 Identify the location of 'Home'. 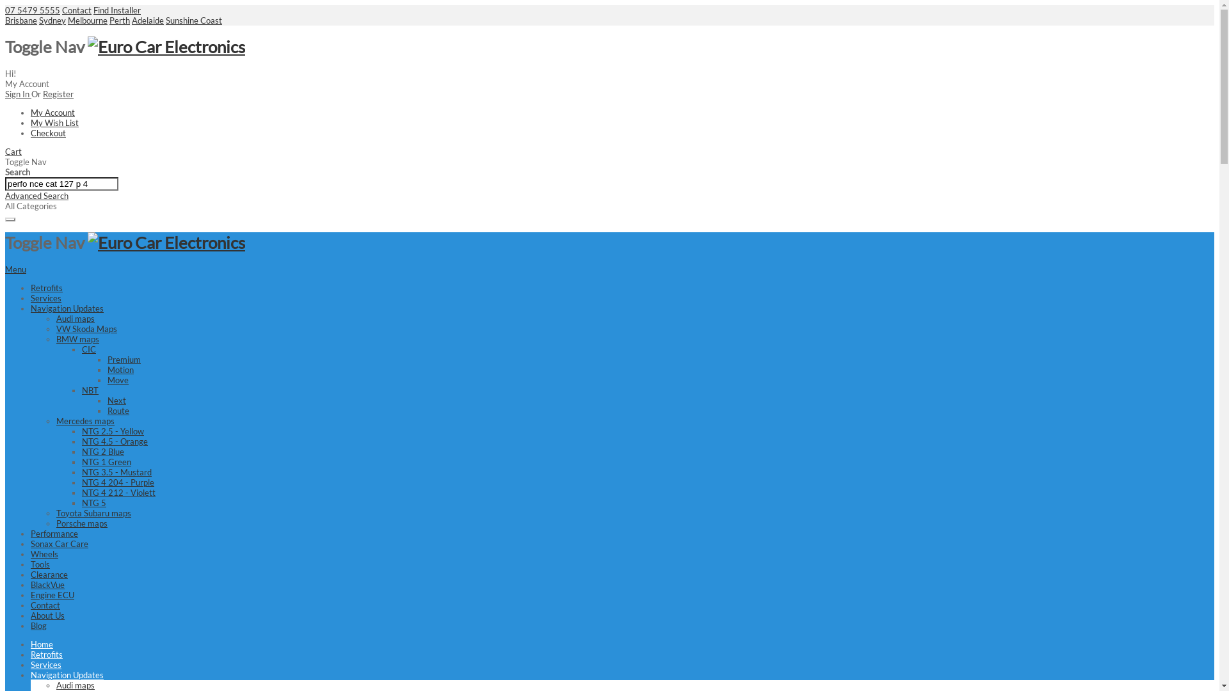
(42, 644).